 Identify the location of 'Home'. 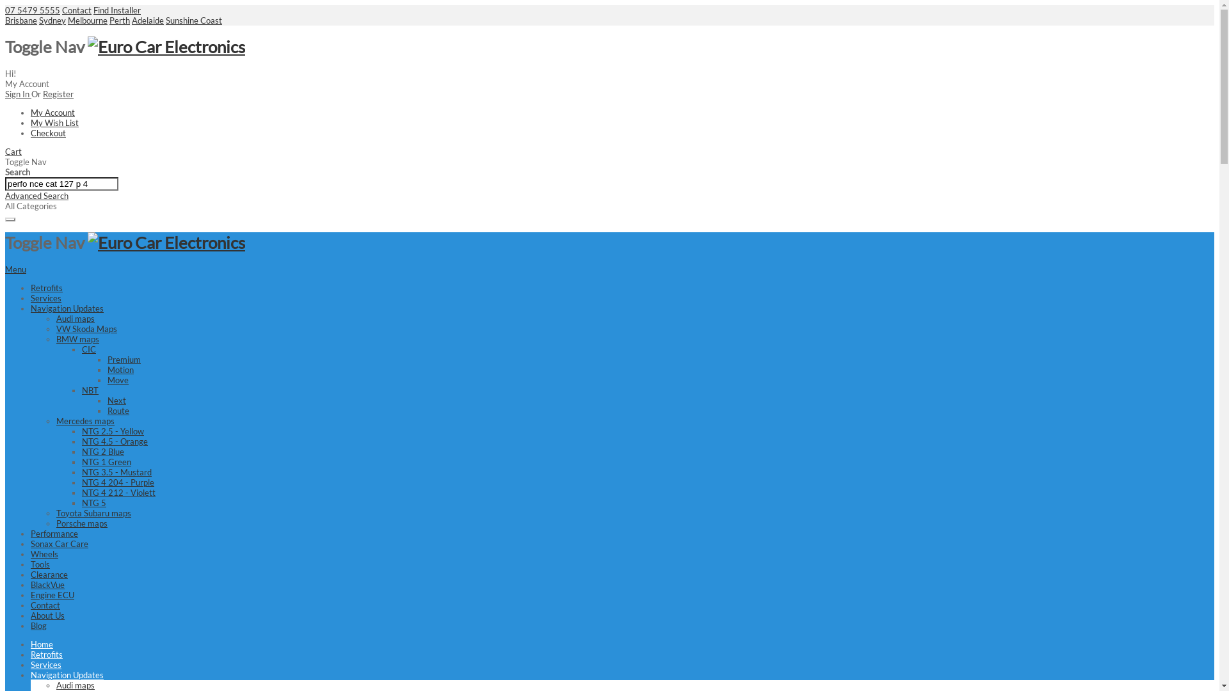
(42, 644).